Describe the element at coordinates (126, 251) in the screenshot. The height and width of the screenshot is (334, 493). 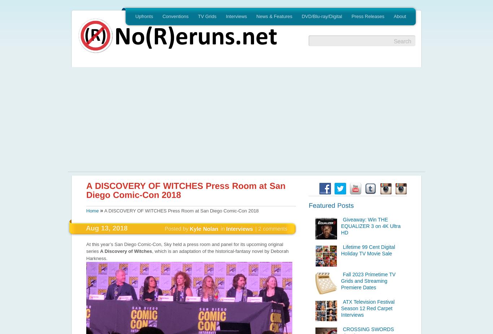
I see `'A Discovery of Witches'` at that location.